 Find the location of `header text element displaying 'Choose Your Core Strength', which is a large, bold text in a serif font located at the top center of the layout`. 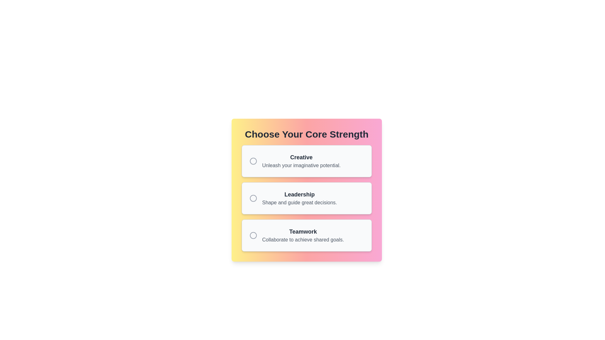

header text element displaying 'Choose Your Core Strength', which is a large, bold text in a serif font located at the top center of the layout is located at coordinates (307, 134).